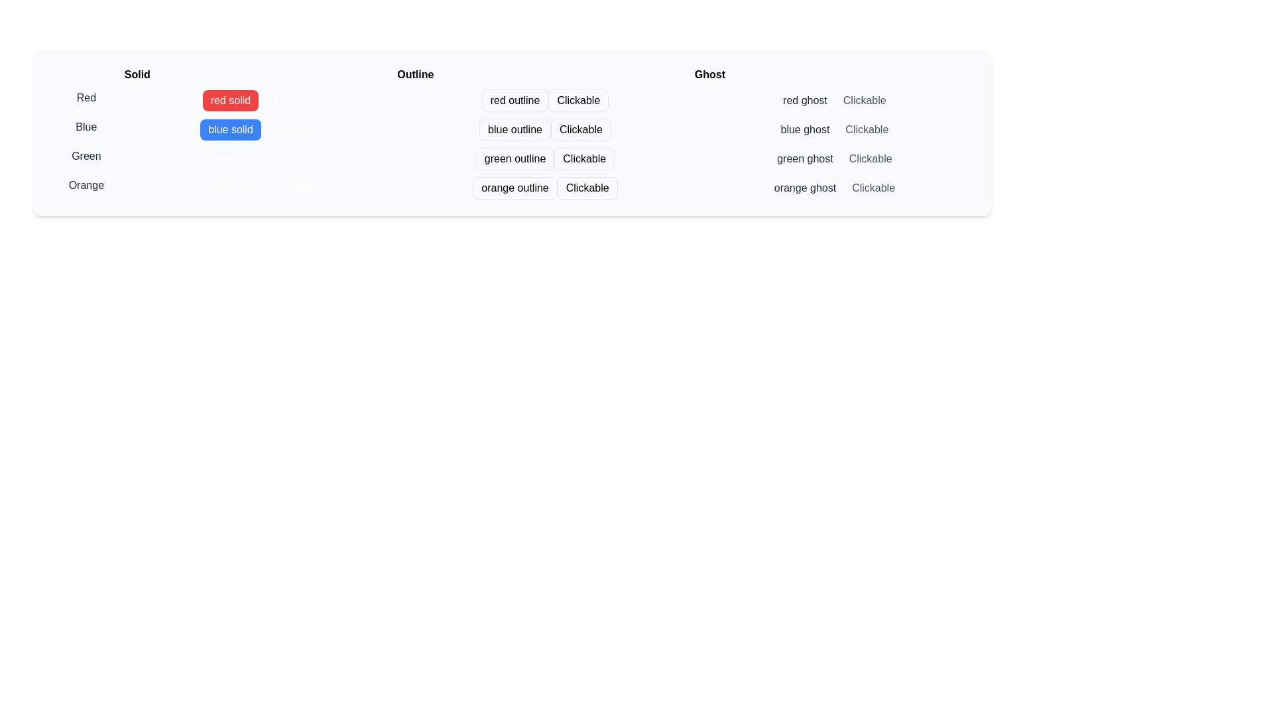 The height and width of the screenshot is (716, 1273). Describe the element at coordinates (545, 127) in the screenshot. I see `the status Text label located in the second row under the 'Outline' column` at that location.